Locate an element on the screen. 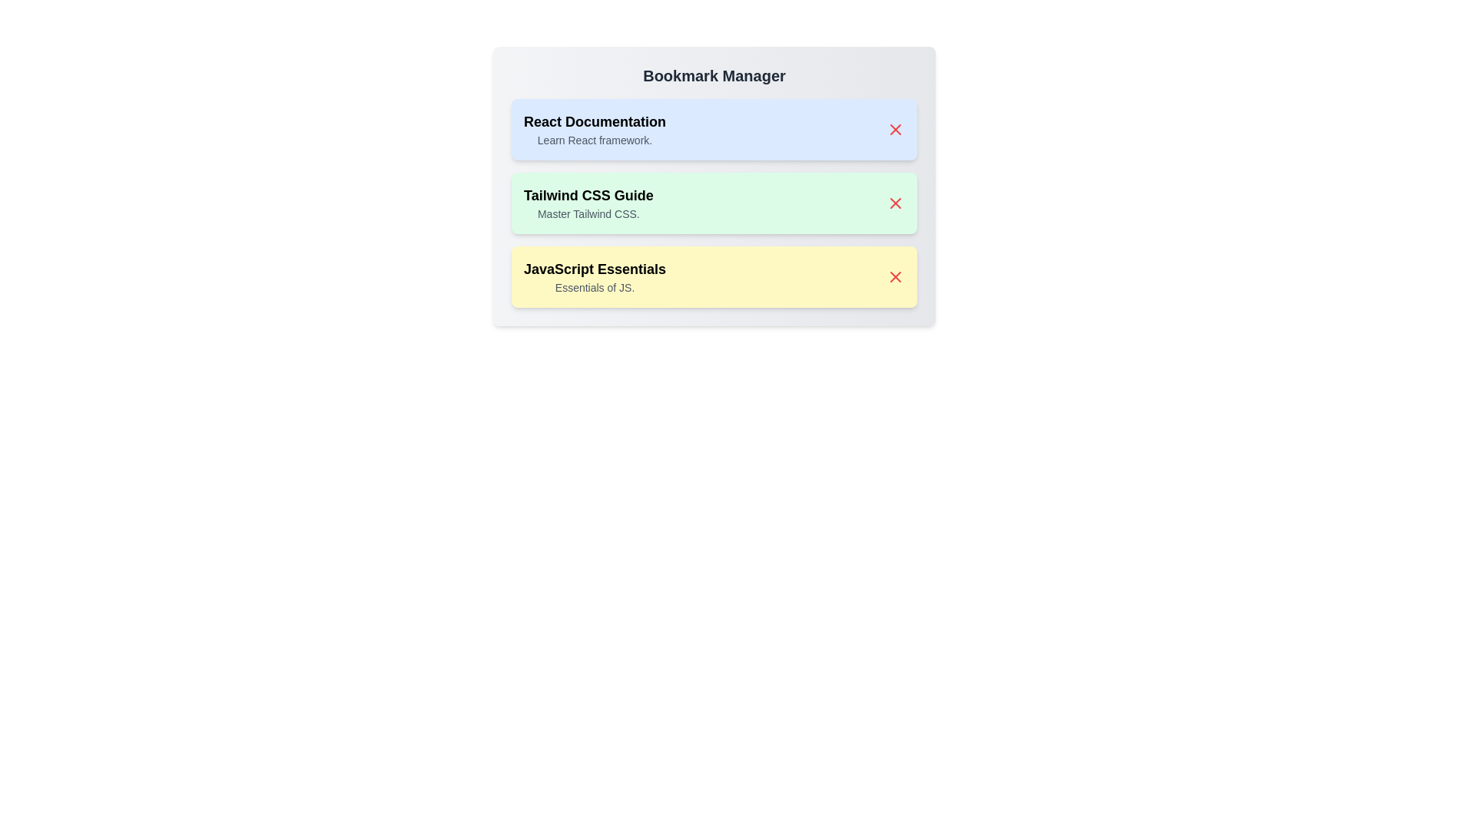  the header text 'Bookmark Manager' is located at coordinates (714, 76).